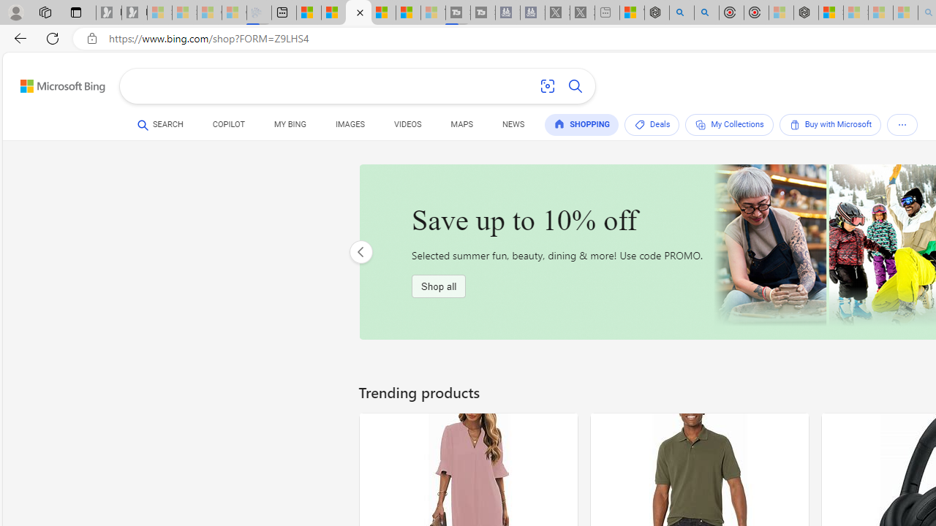  What do you see at coordinates (457, 12) in the screenshot?
I see `'Streaming Coverage | T3 - Sleeping'` at bounding box center [457, 12].